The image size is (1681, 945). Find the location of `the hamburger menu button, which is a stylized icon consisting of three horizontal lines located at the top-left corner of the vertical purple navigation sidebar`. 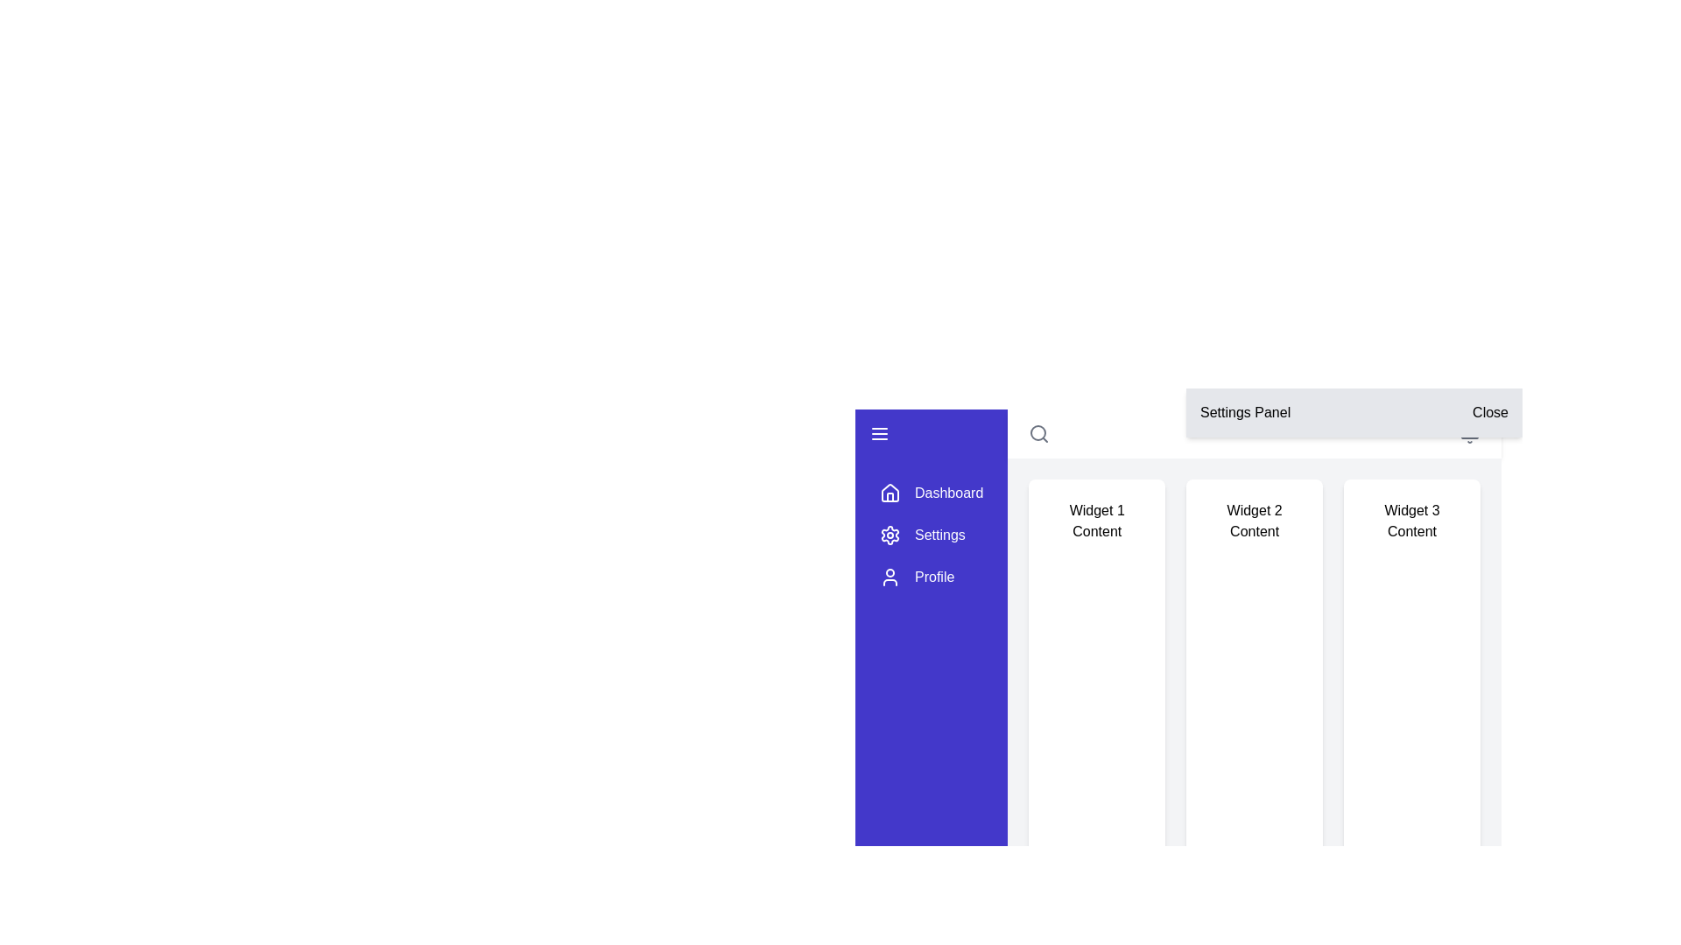

the hamburger menu button, which is a stylized icon consisting of three horizontal lines located at the top-left corner of the vertical purple navigation sidebar is located at coordinates (879, 433).